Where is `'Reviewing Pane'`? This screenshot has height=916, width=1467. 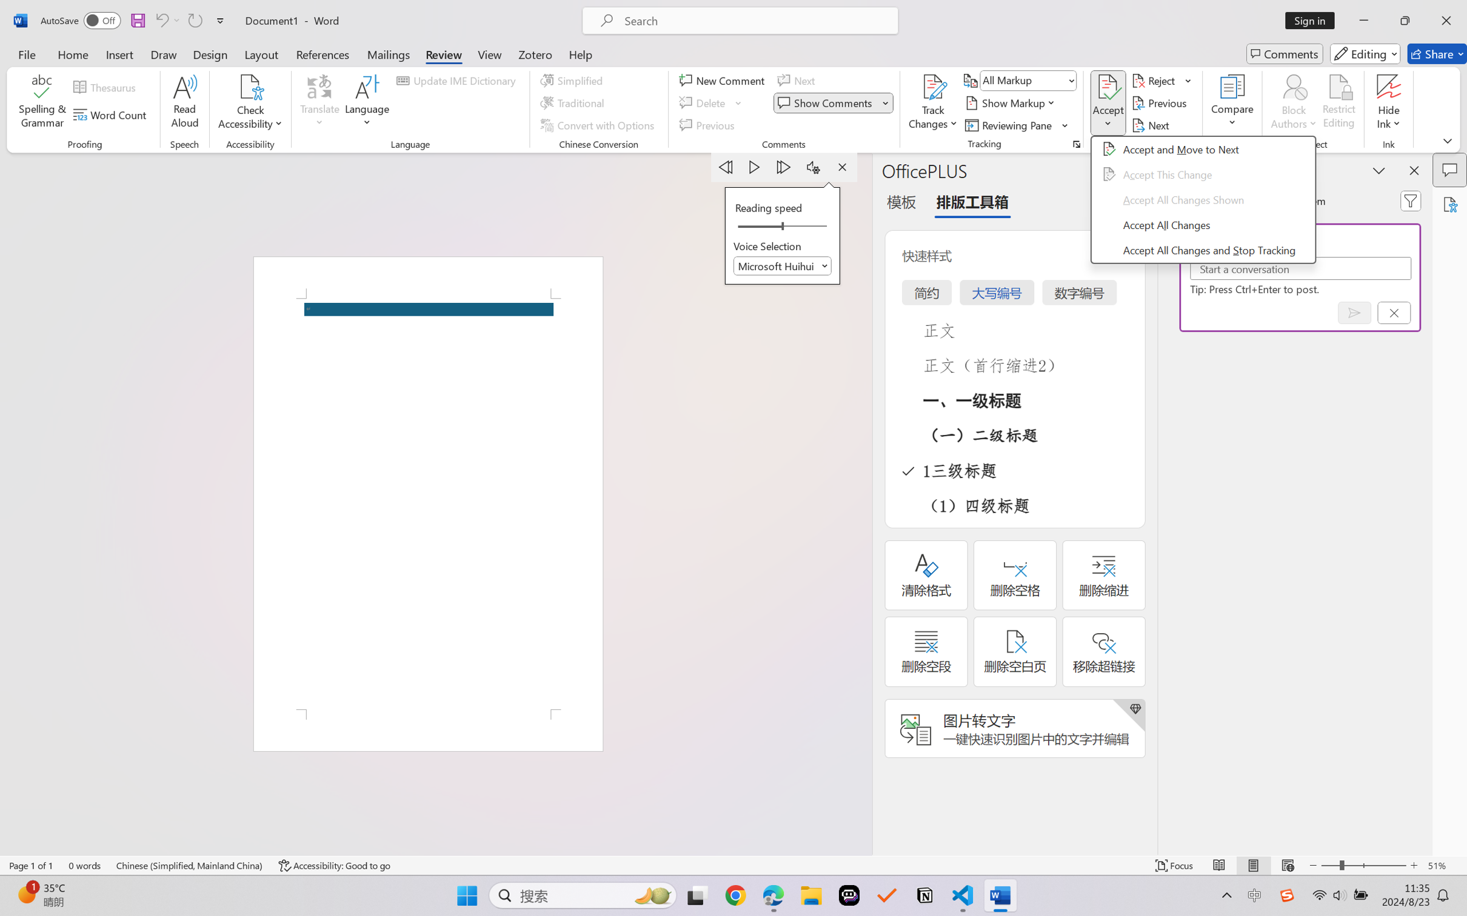
'Reviewing Pane' is located at coordinates (1009, 125).